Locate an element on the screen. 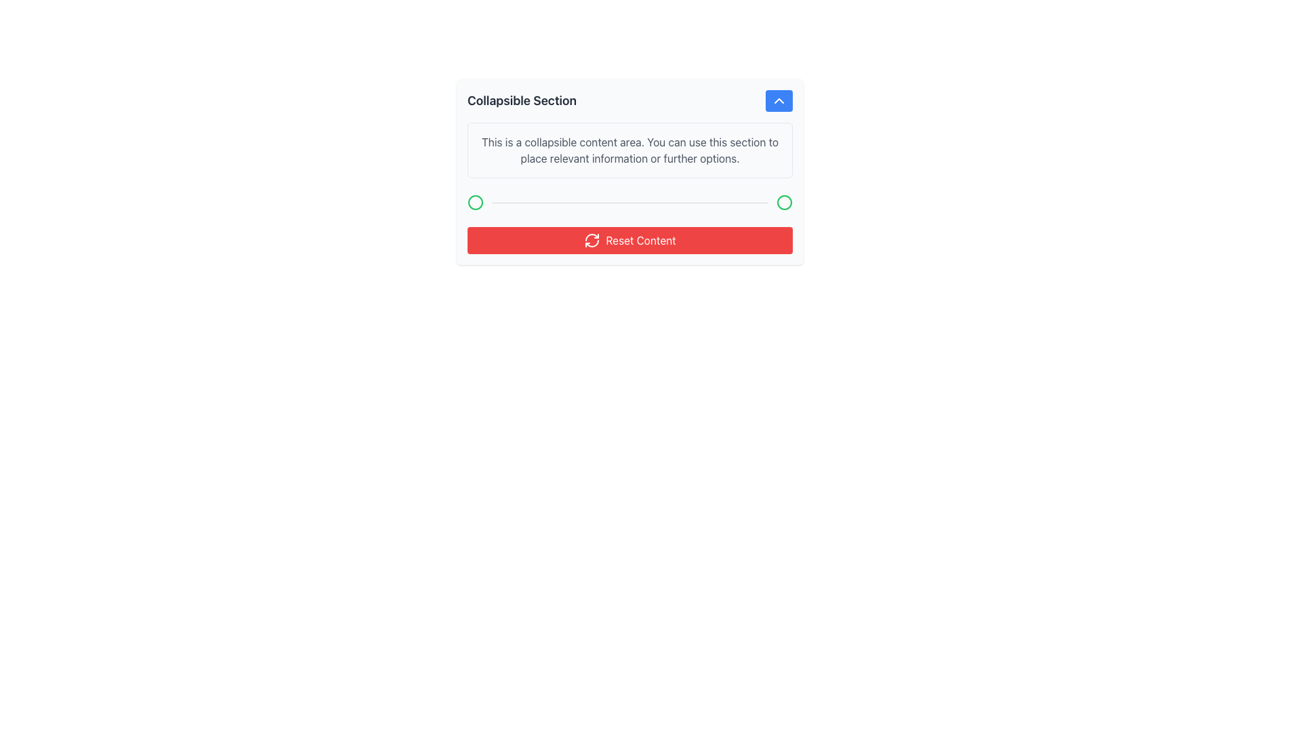  text content from the Informational Text Block, which is centrally located within the 'Collapsible Section' and displays the message: 'This is a collapsible content area. You can use this section to place relevant information or further options.' is located at coordinates (629, 150).